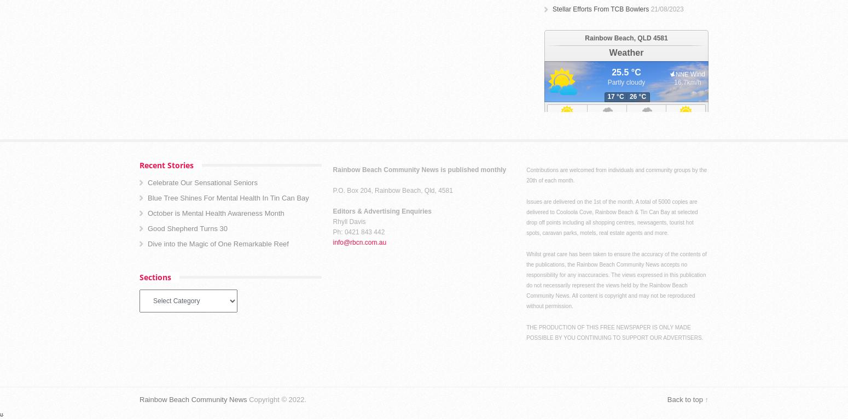 The image size is (848, 419). I want to click on 'THE PRODUCTION OF THIS FREE NEWSPAPER IS ONLY MADE POSSIBLE BY YOU CONTINUING TO SUPPORT OUR ADVERTISERS.', so click(614, 332).